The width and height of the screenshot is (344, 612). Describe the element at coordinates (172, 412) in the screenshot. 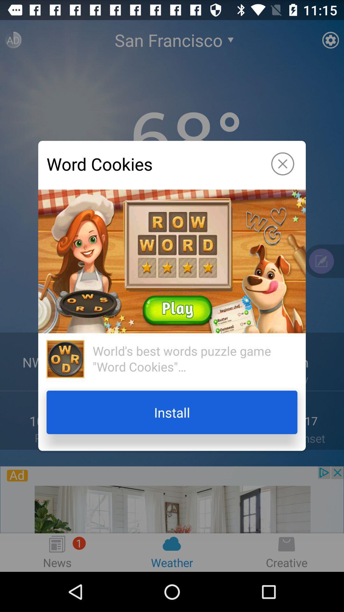

I see `the install item` at that location.